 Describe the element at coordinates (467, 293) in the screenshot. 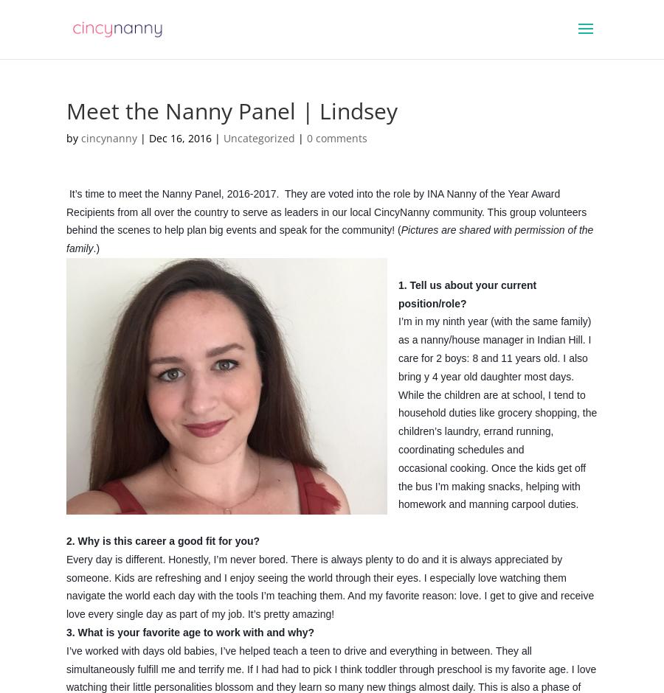

I see `'1. Tell us about your current position/role?'` at that location.